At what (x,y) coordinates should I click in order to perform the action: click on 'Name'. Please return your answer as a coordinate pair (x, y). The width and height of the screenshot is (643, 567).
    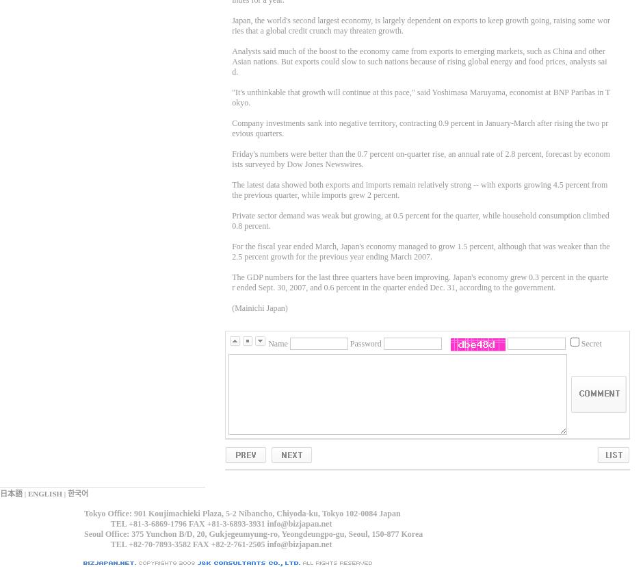
    Looking at the image, I should click on (277, 344).